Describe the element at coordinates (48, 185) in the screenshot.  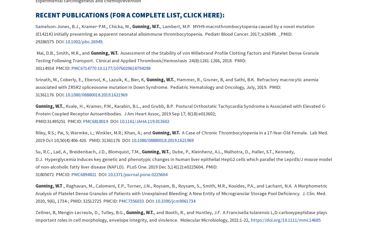
I see `'Gunning, W.T'` at that location.